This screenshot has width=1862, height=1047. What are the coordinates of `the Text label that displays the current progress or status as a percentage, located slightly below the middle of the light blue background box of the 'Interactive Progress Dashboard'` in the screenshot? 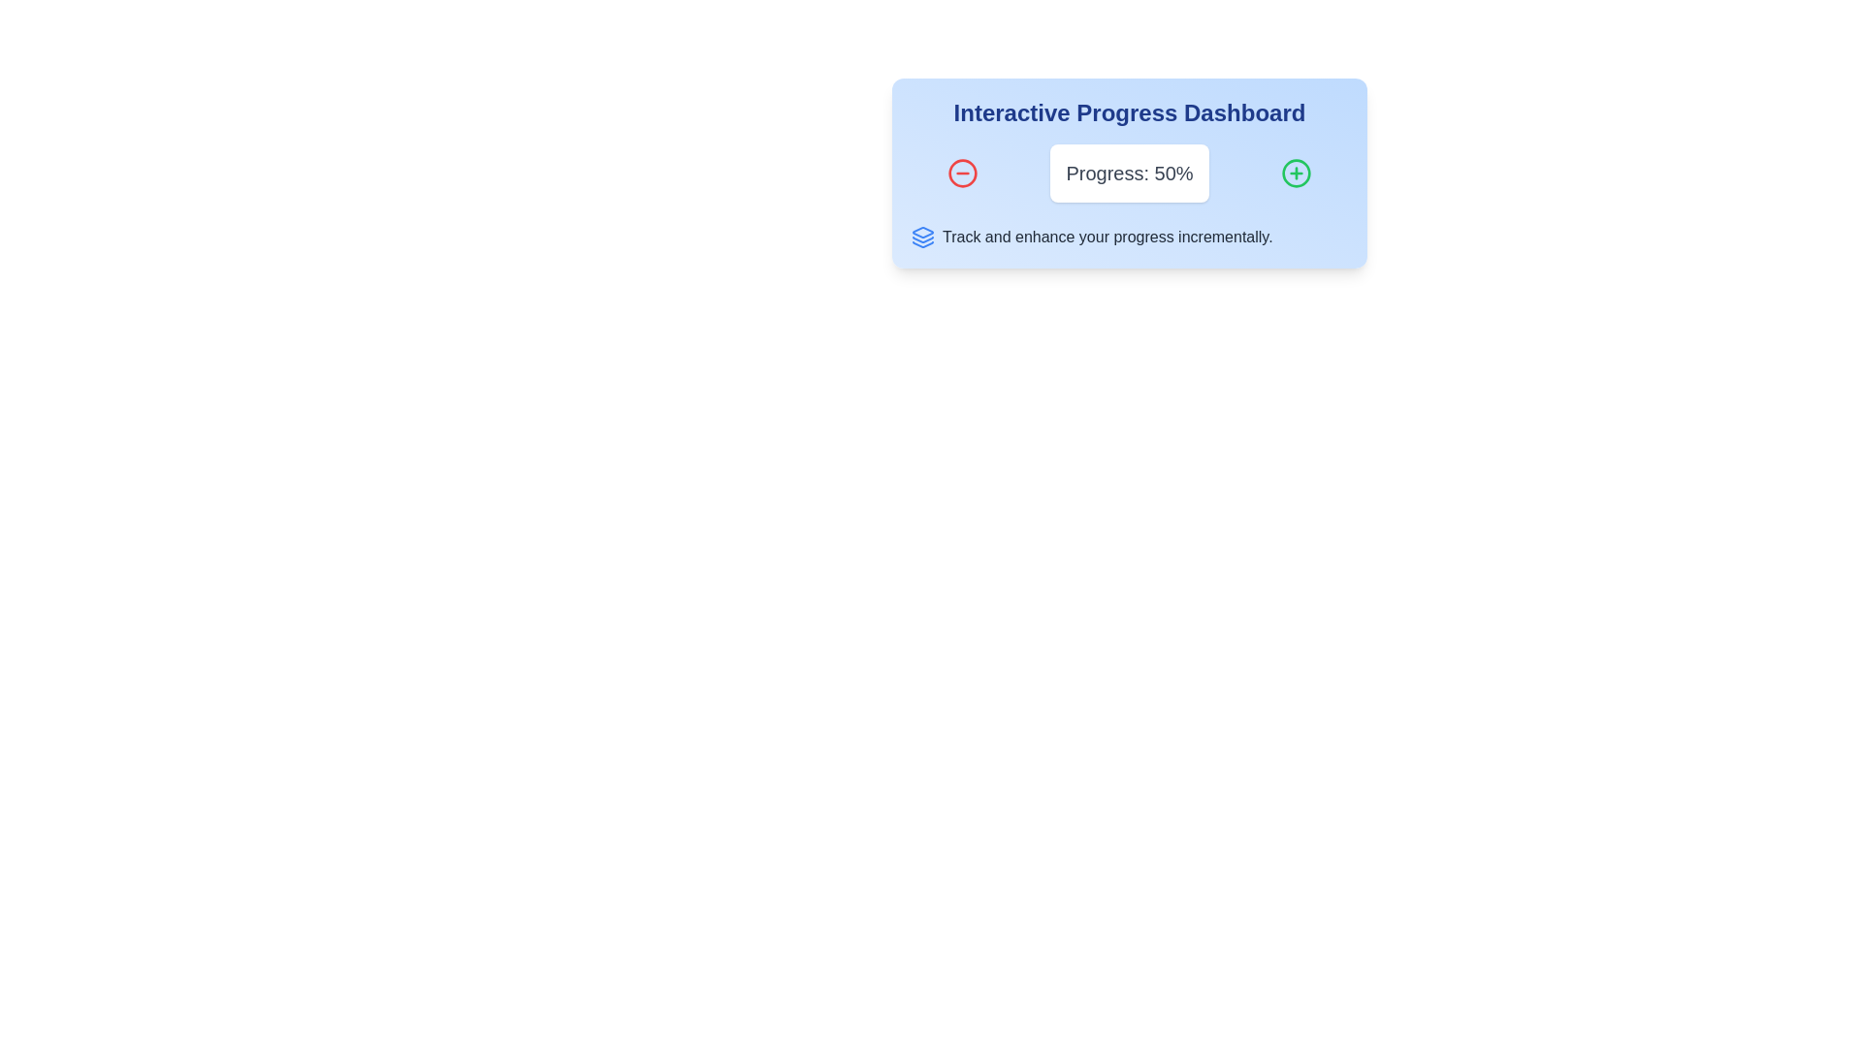 It's located at (1130, 172).